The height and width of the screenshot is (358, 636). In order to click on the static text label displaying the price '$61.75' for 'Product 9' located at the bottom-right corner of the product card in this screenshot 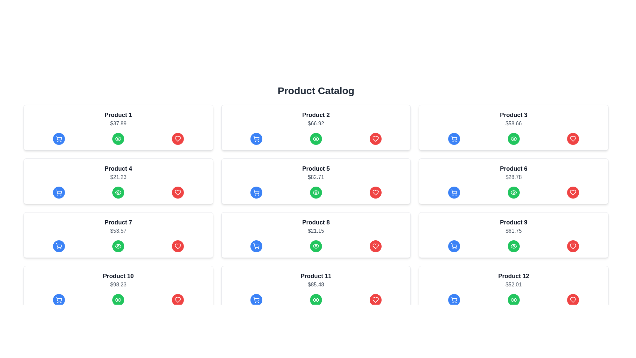, I will do `click(513, 231)`.